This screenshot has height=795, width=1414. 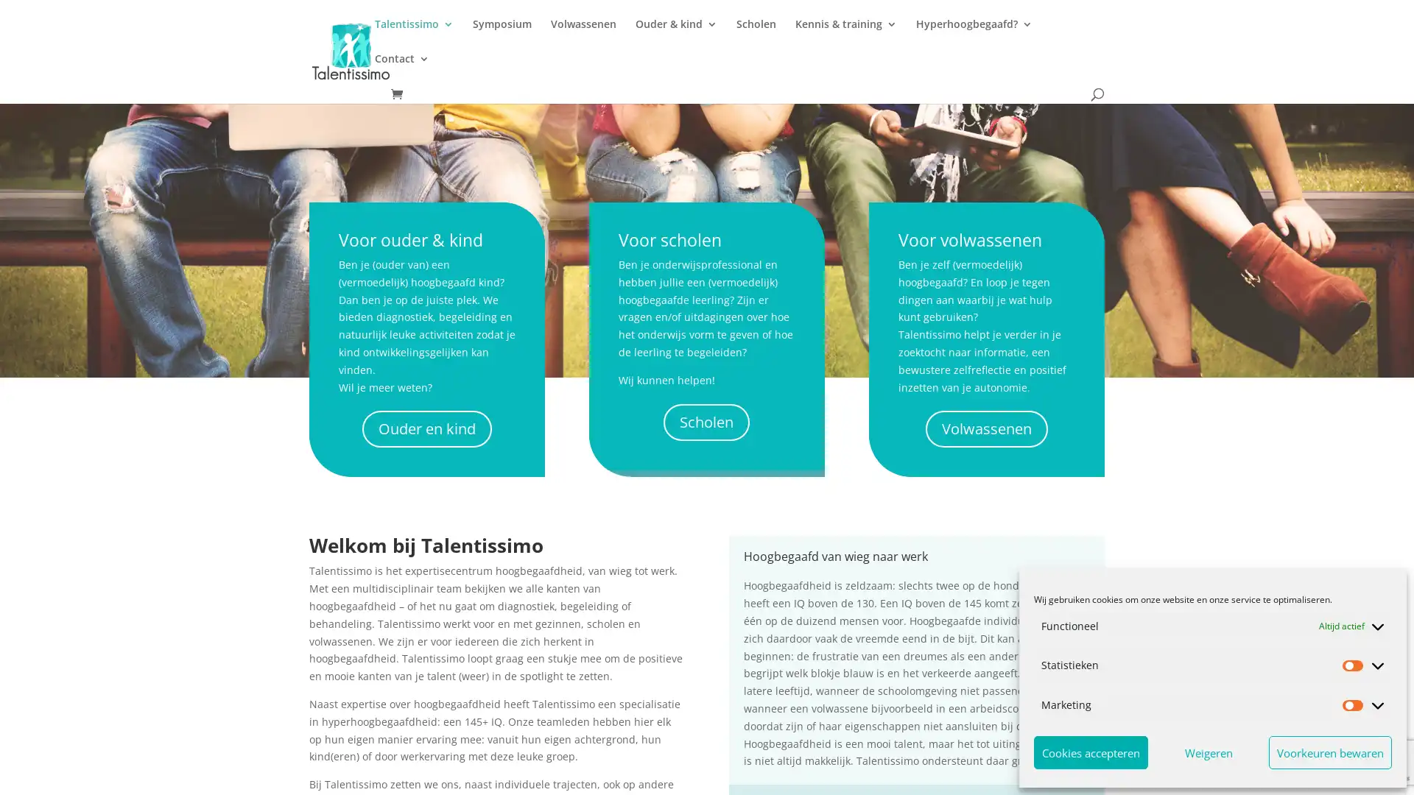 I want to click on Voorkeuren bewaren, so click(x=1330, y=752).